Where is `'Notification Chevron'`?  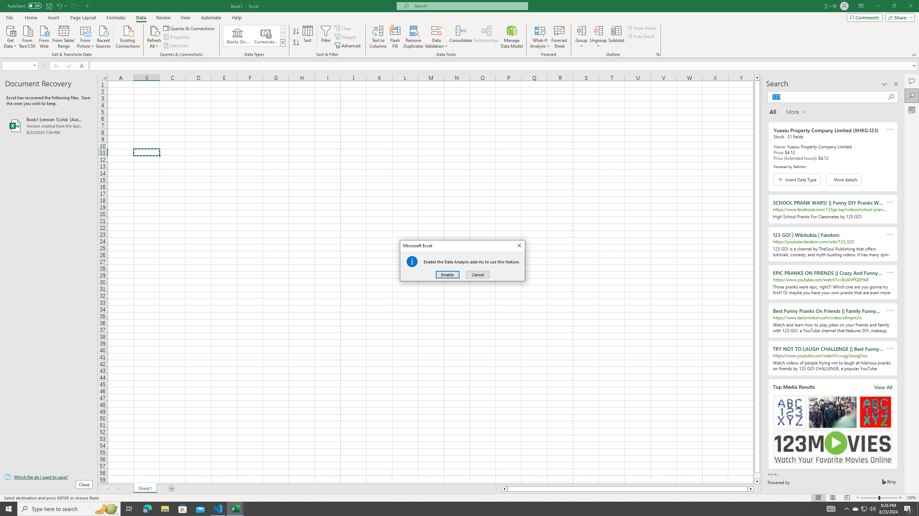 'Notification Chevron' is located at coordinates (847, 508).